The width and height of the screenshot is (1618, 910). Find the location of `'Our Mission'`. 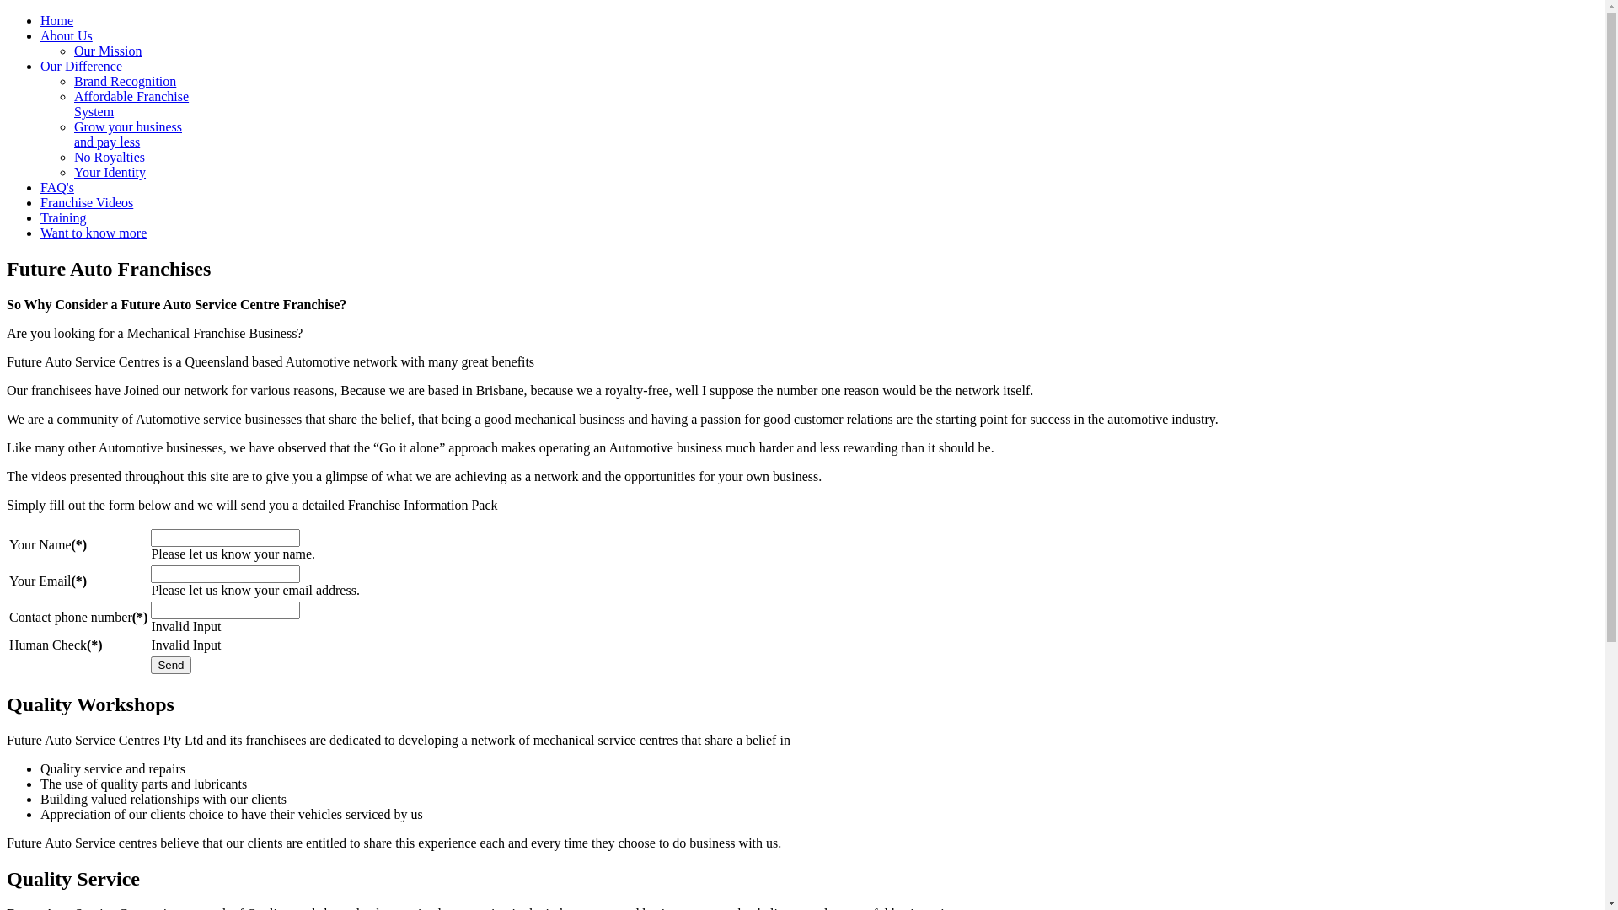

'Our Mission' is located at coordinates (107, 50).